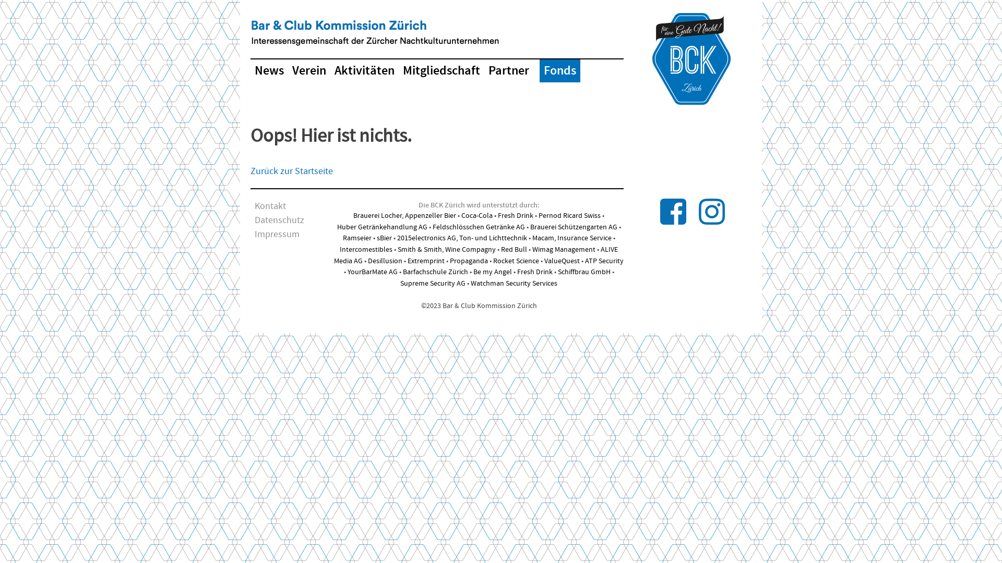 The image size is (1002, 563). Describe the element at coordinates (493, 261) in the screenshot. I see `'Rocket Science'` at that location.